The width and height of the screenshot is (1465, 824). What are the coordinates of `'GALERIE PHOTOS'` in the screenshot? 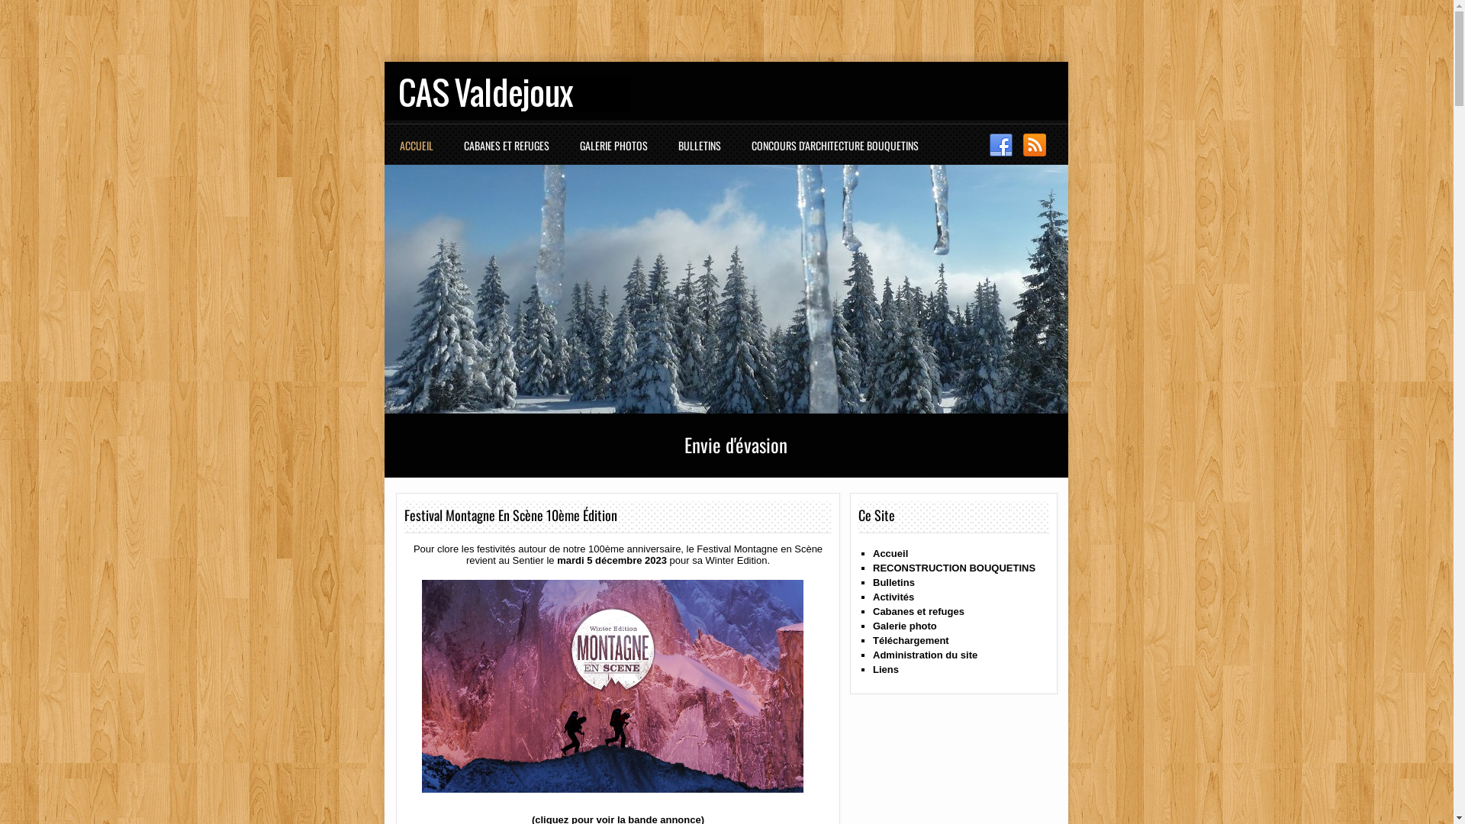 It's located at (617, 153).